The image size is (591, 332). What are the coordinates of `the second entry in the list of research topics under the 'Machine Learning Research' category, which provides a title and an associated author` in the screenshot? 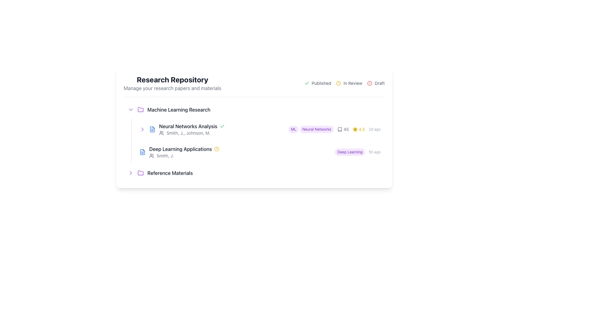 It's located at (240, 152).